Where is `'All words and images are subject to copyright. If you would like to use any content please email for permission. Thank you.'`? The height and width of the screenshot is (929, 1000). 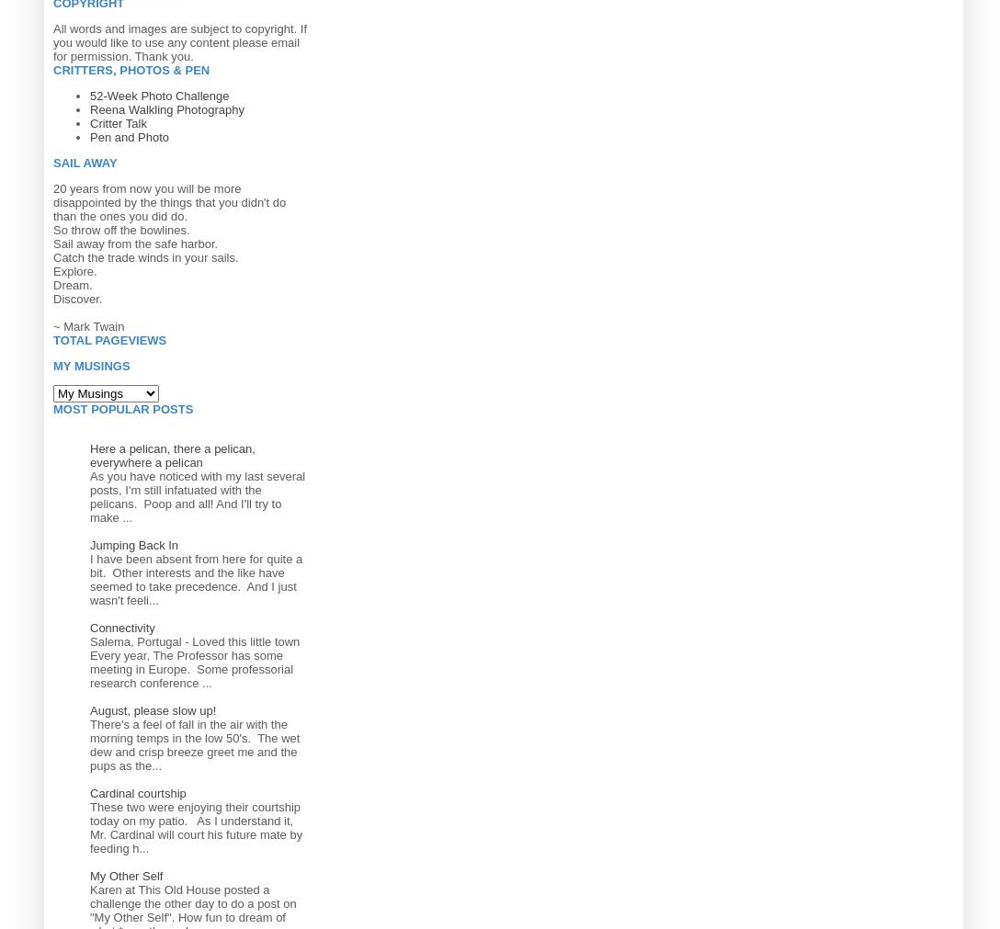 'All words and images are subject to copyright. If you would like to use any content please email for permission. Thank you.' is located at coordinates (178, 40).